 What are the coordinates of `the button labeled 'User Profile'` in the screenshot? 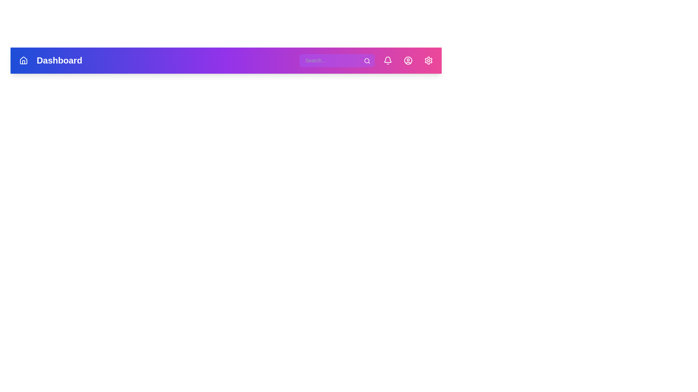 It's located at (408, 60).